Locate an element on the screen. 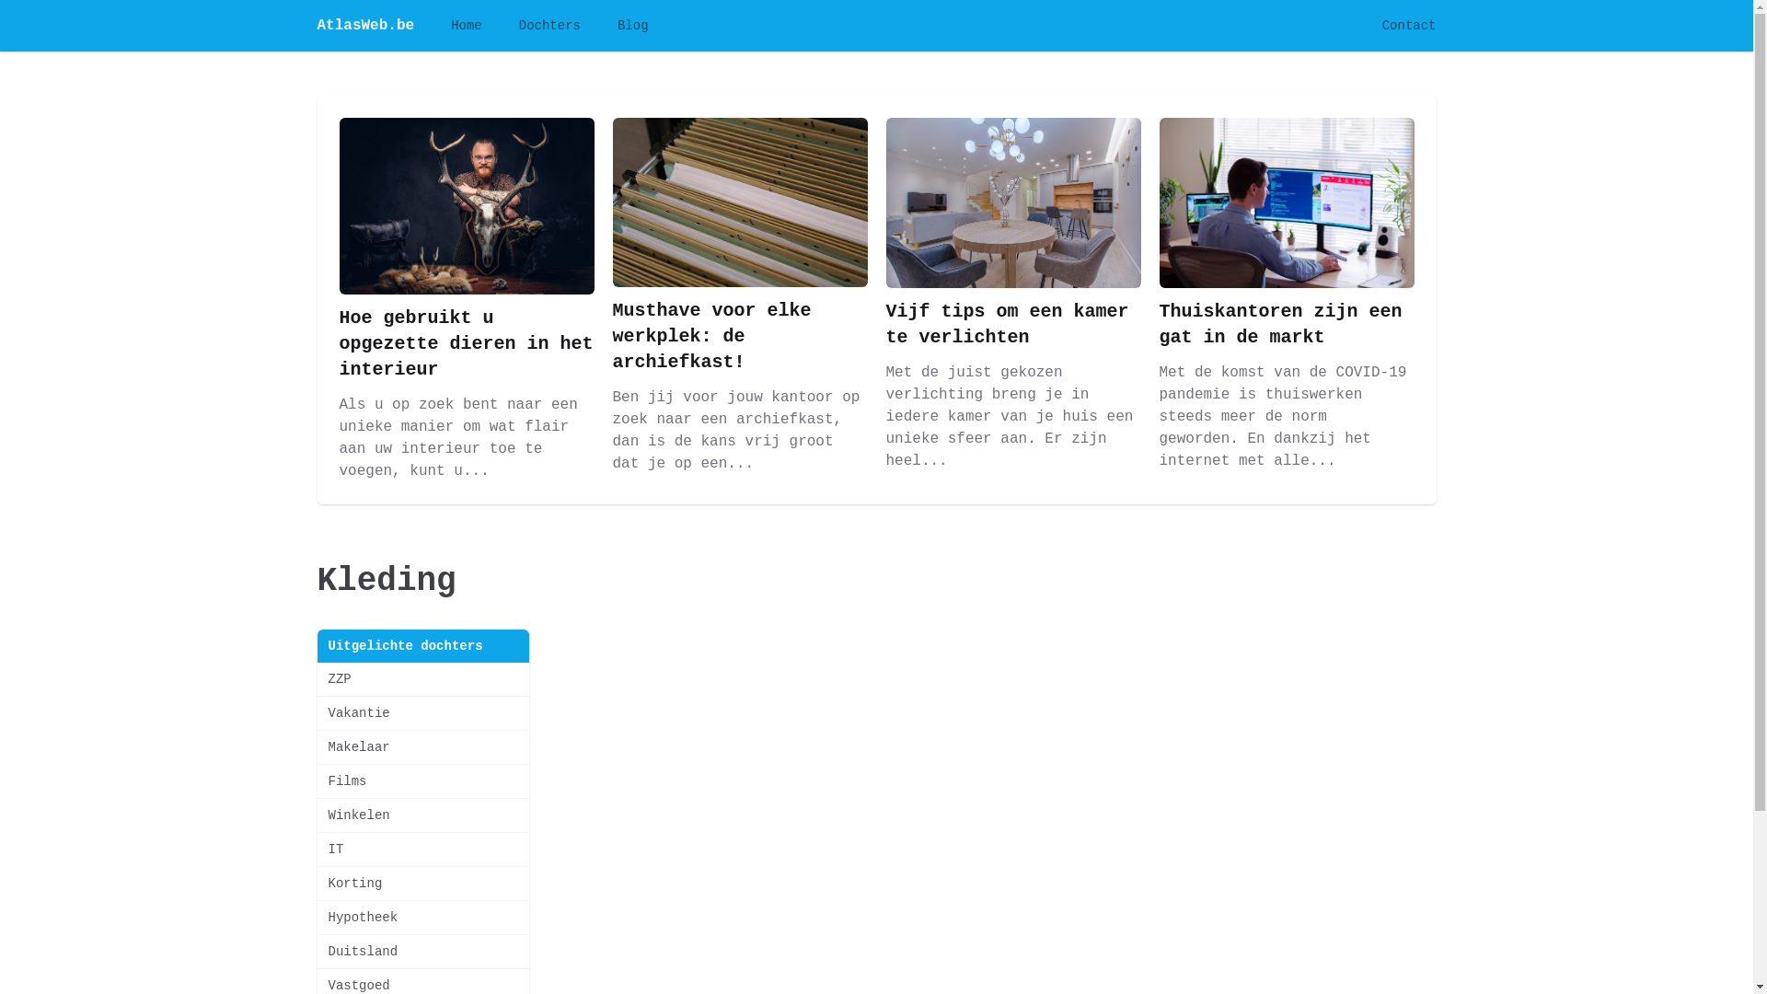 Image resolution: width=1767 pixels, height=994 pixels. 'Vakantie' is located at coordinates (422, 712).